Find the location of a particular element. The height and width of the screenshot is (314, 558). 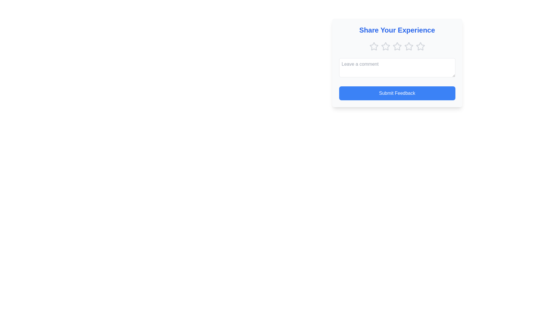

the third star icon in the rating system is located at coordinates (397, 46).